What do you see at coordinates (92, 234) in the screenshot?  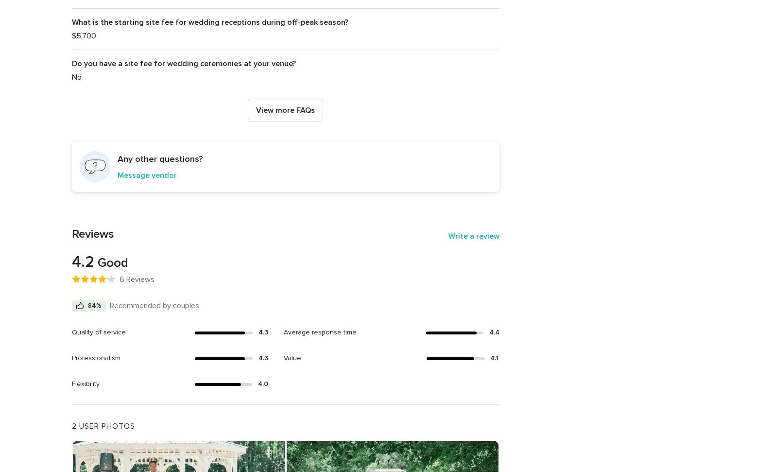 I see `'Reviews'` at bounding box center [92, 234].